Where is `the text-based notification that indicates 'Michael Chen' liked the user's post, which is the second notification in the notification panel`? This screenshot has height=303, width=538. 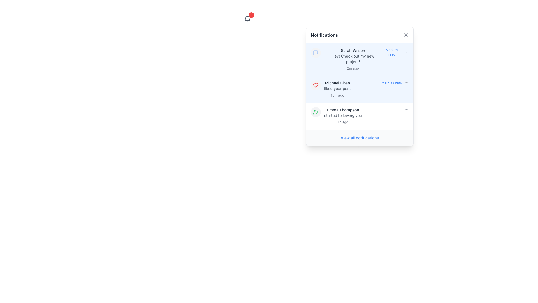 the text-based notification that indicates 'Michael Chen' liked the user's post, which is the second notification in the notification panel is located at coordinates (337, 89).